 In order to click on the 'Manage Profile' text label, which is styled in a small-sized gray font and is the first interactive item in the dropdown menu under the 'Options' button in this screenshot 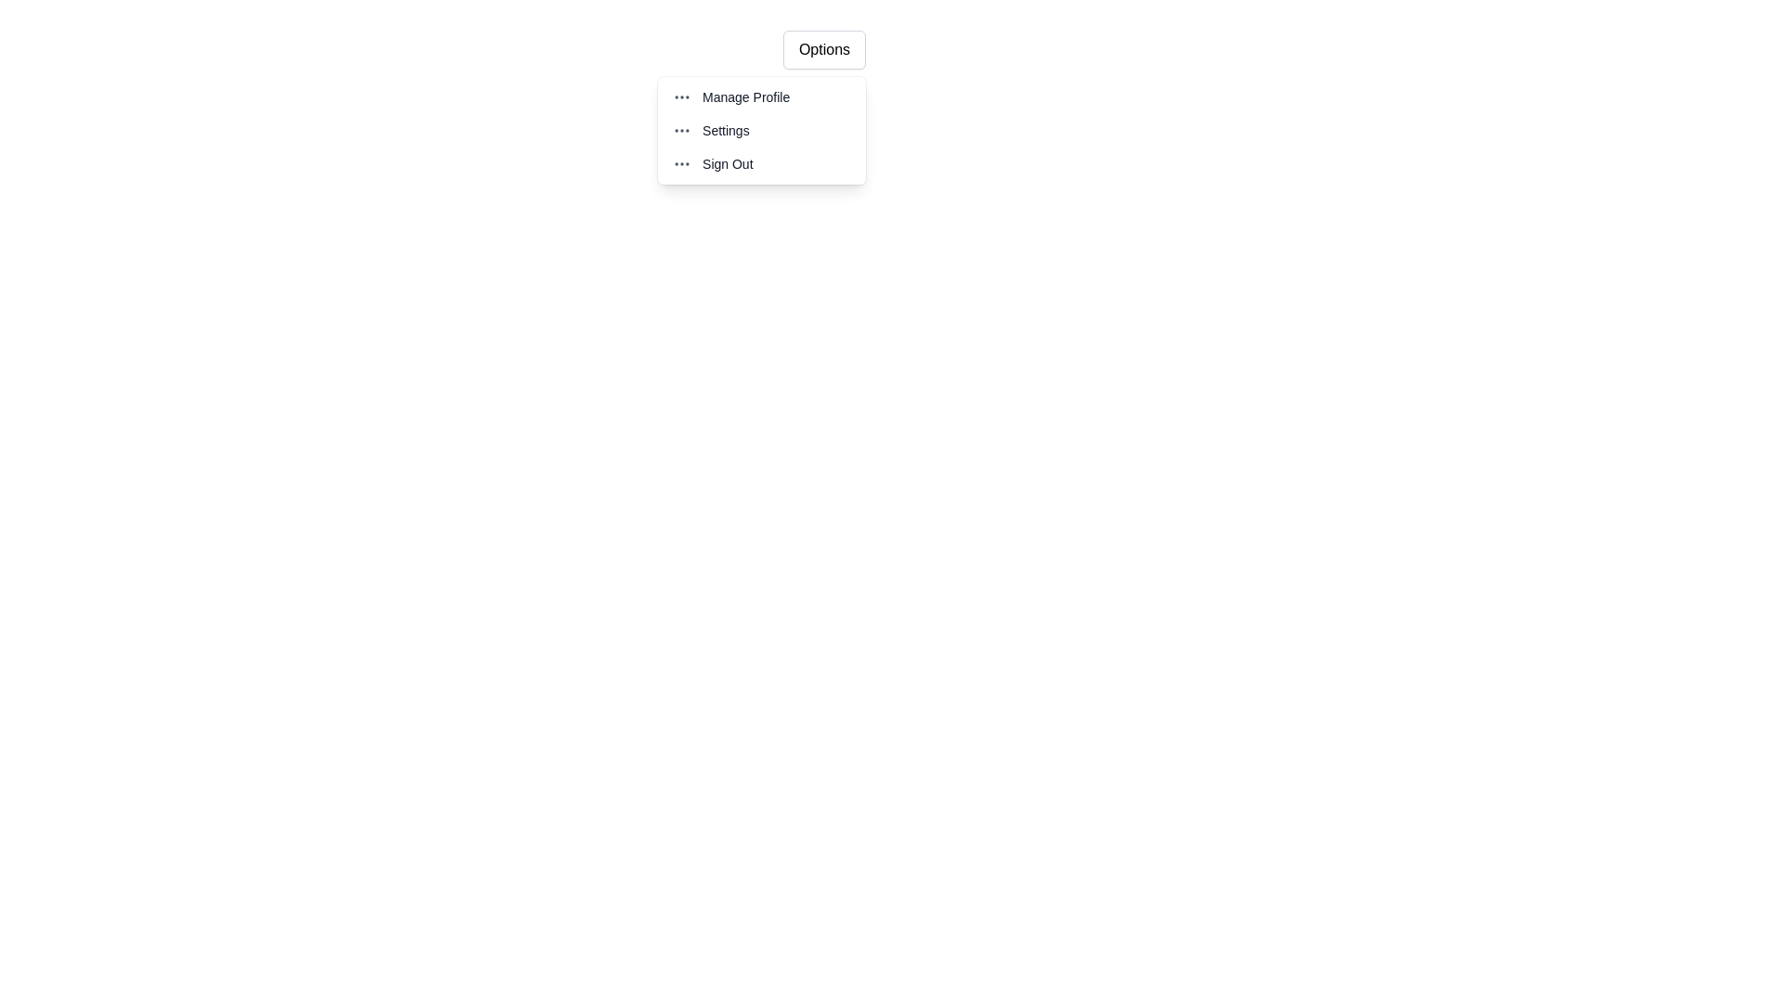, I will do `click(746, 96)`.